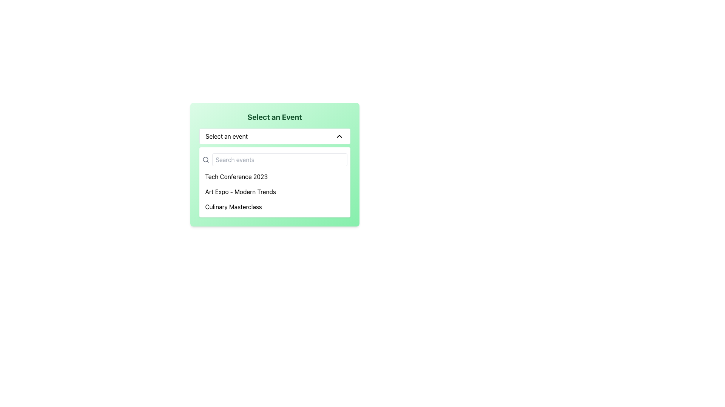  I want to click on the selectable menu option displaying 'Art Expo - Modern Trends', so click(274, 191).